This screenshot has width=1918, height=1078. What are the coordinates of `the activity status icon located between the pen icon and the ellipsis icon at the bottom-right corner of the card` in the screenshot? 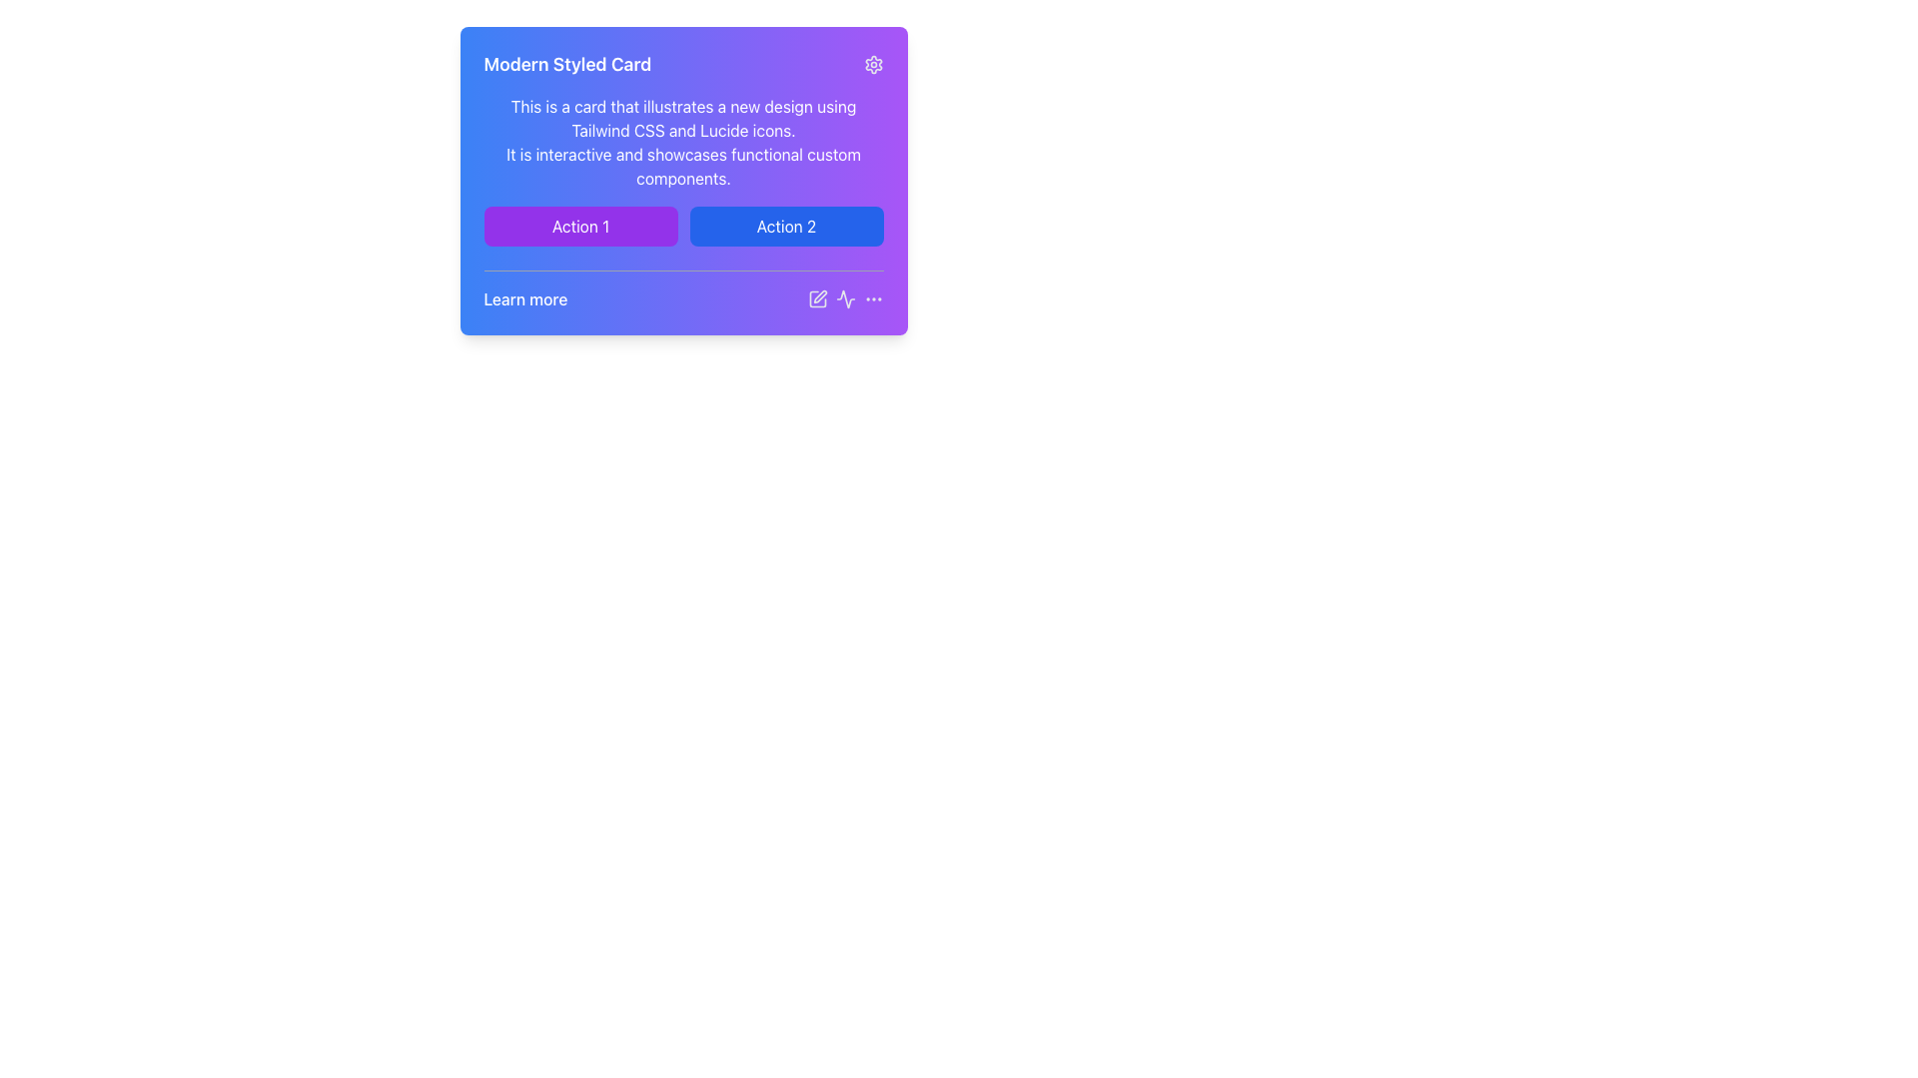 It's located at (845, 299).